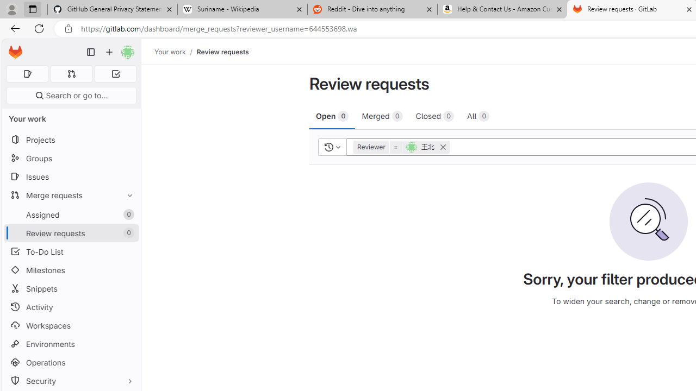  I want to click on 'Review requests', so click(222, 52).